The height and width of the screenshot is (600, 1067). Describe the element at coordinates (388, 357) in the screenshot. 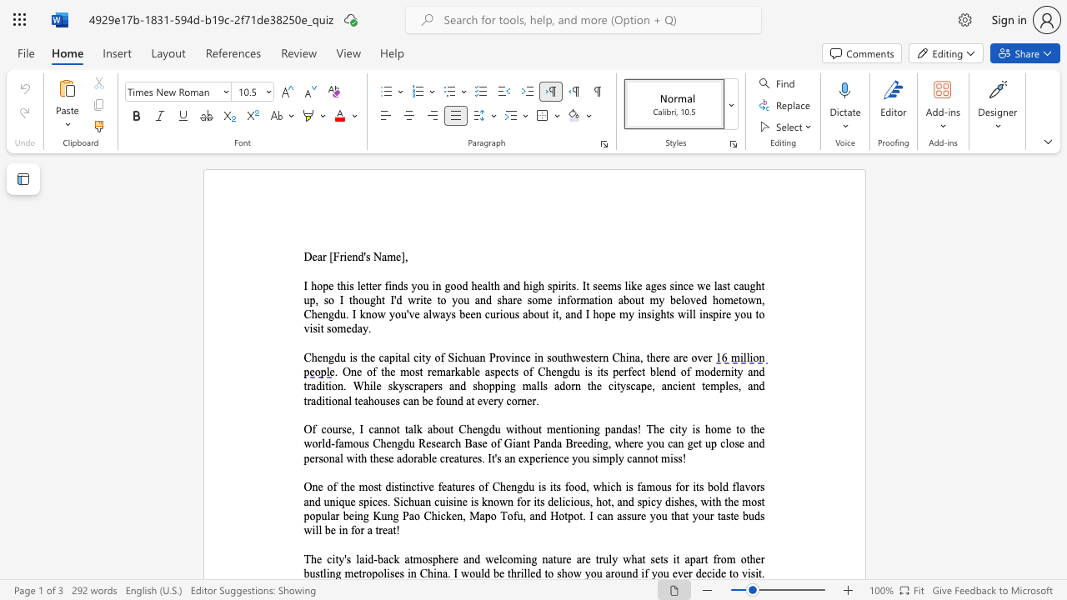

I see `the subset text "pital city of Sichuan Prov" within the text "Chengdu is the capital city of Sichuan Province in southwestern China, there are over"` at that location.